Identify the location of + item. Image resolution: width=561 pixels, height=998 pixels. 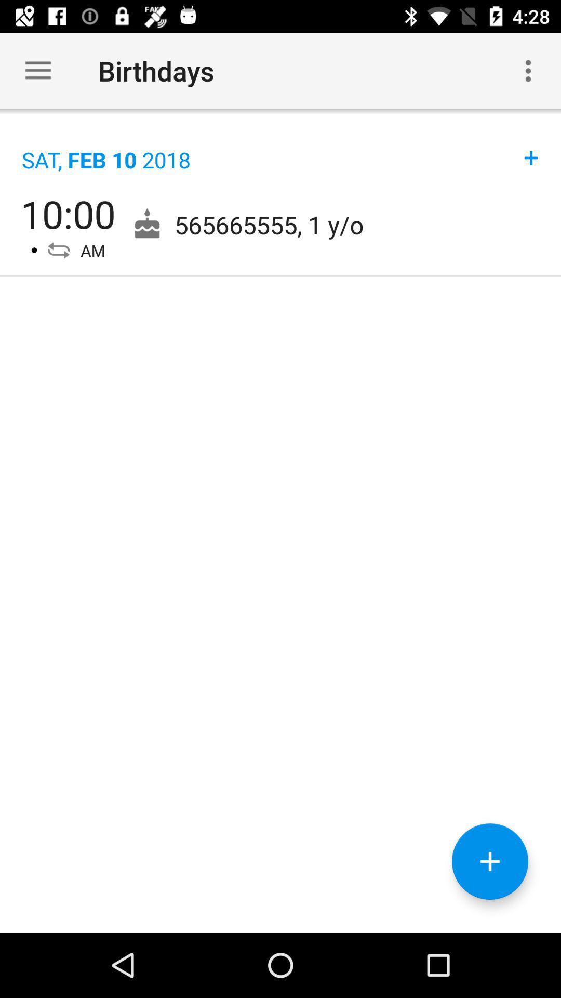
(531, 147).